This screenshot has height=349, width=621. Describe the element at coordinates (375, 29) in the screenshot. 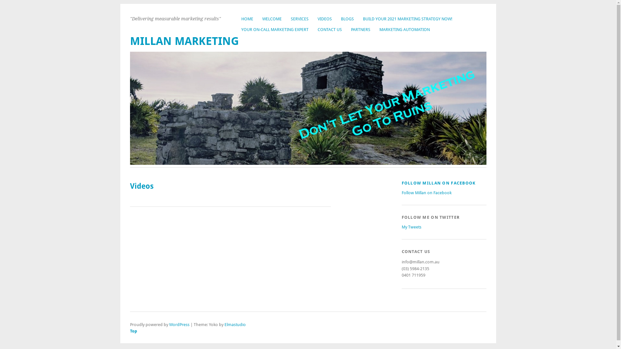

I see `'MARKETING AUTOMATION'` at that location.